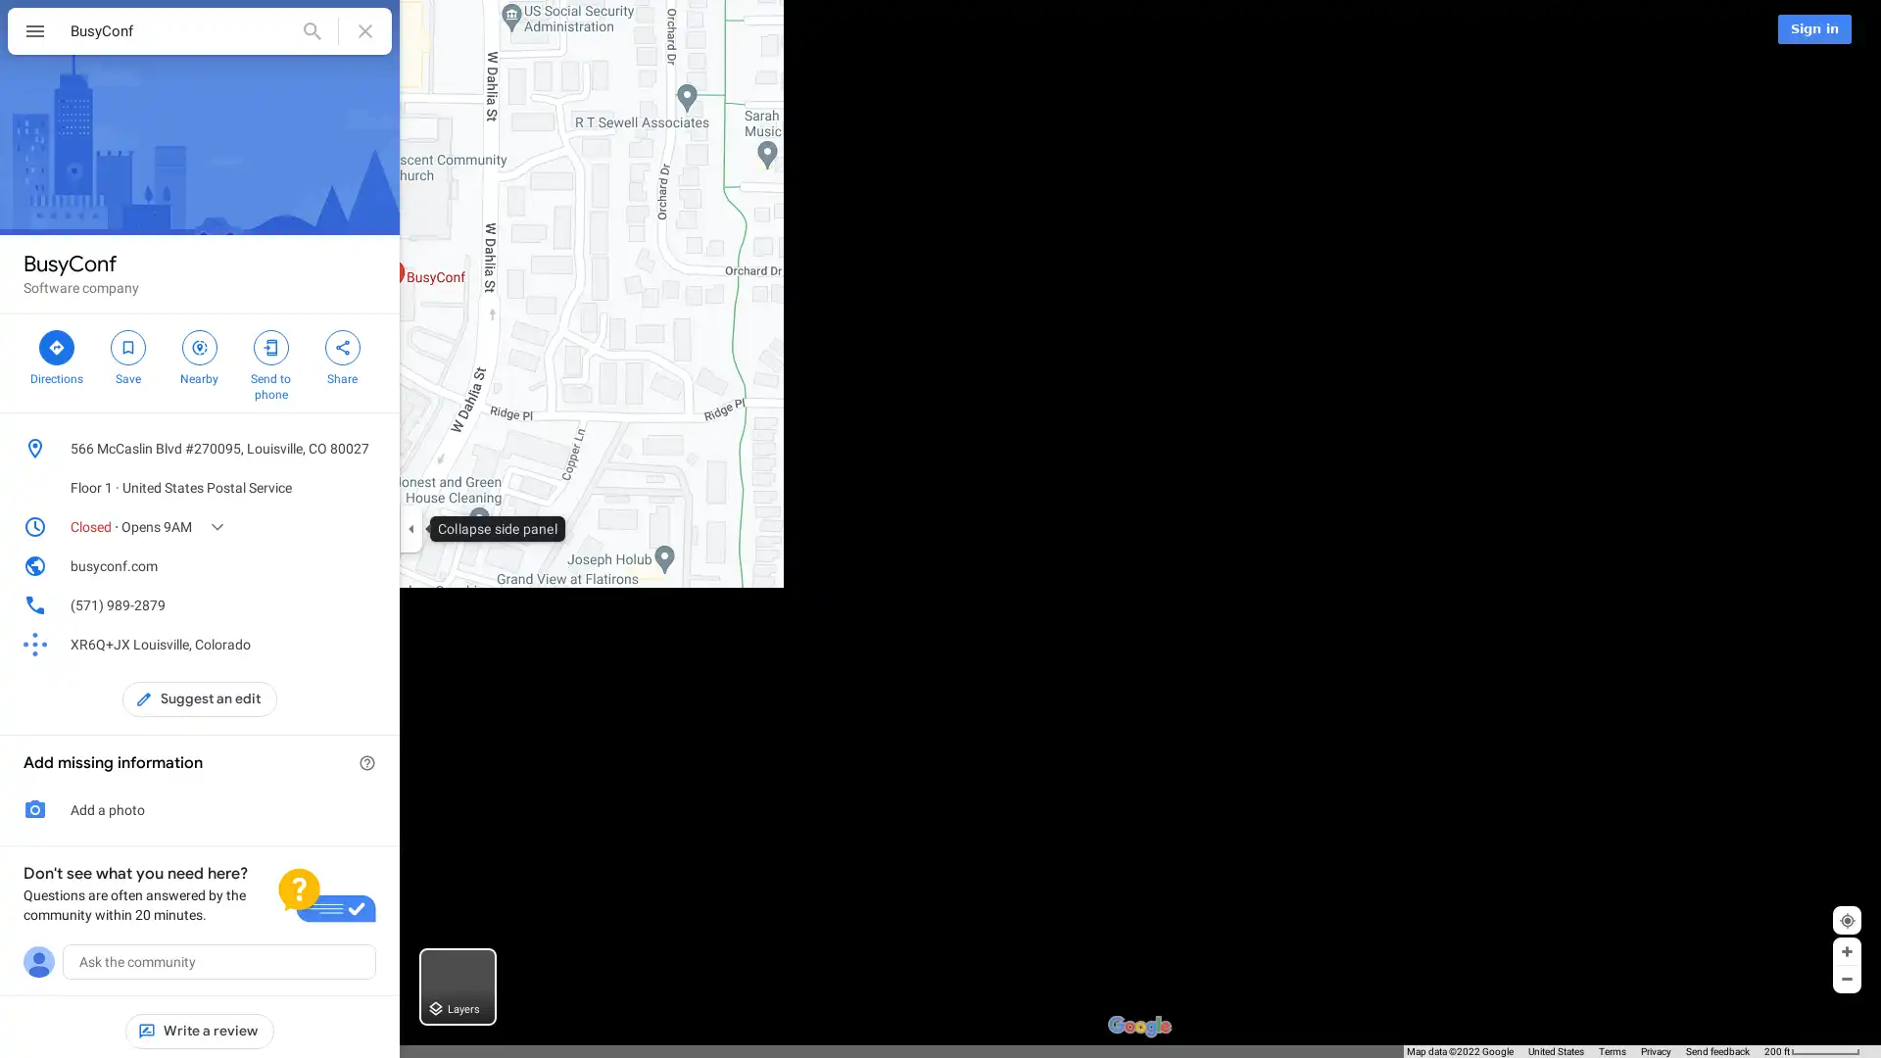 The image size is (1881, 1058). Describe the element at coordinates (1846, 991) in the screenshot. I see `Zoom out` at that location.